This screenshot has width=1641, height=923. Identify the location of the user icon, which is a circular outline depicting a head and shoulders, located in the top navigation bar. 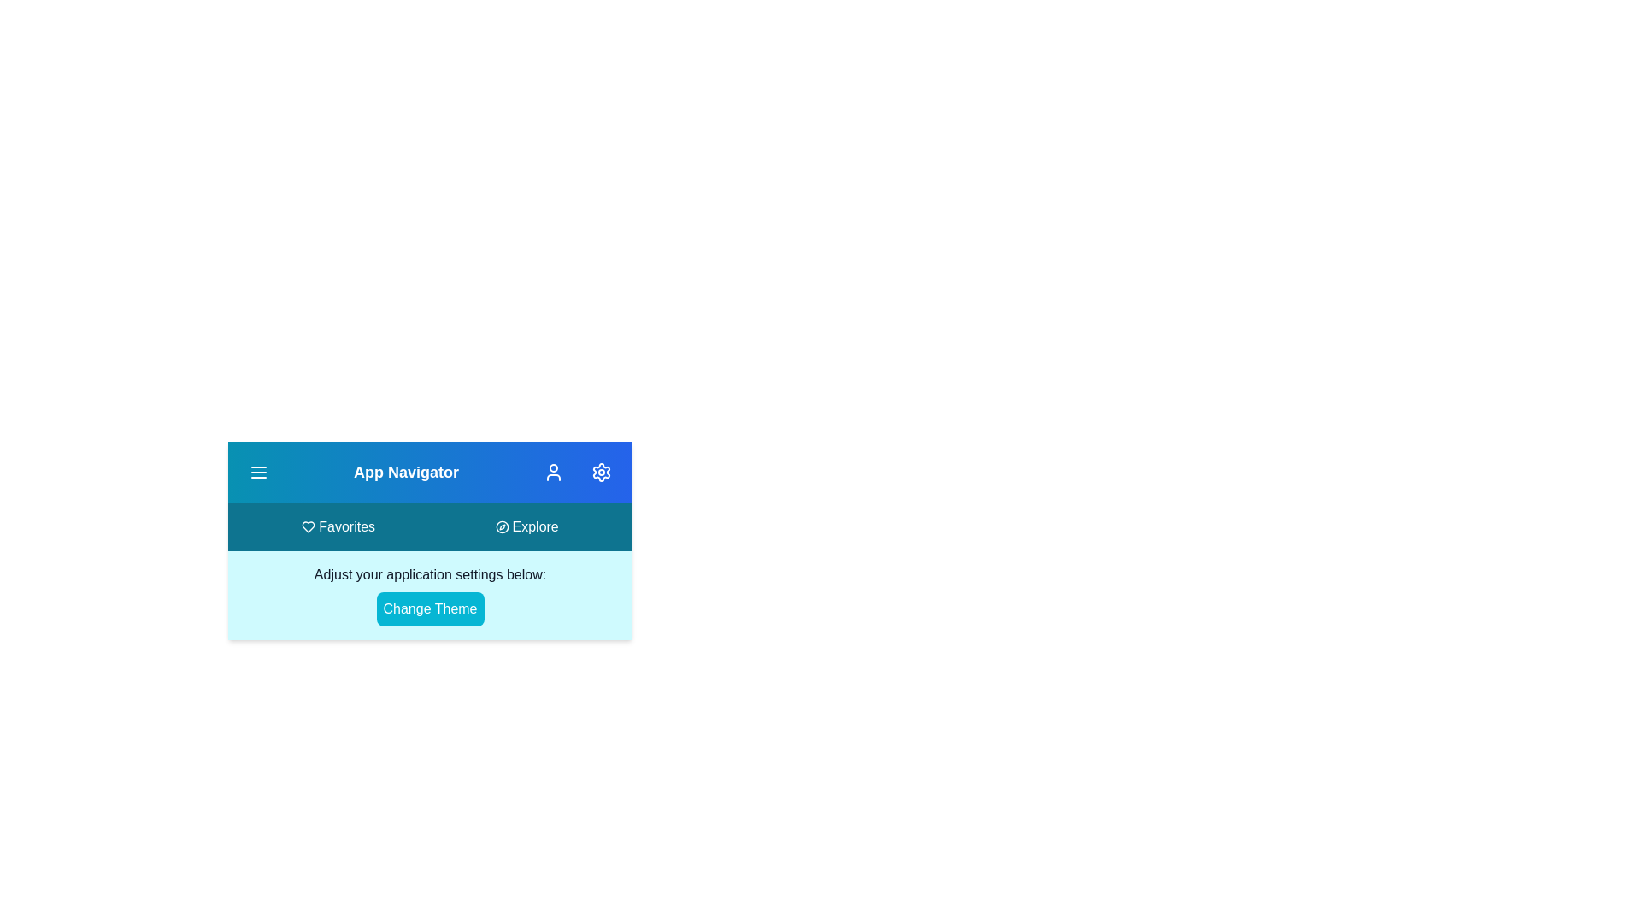
(554, 472).